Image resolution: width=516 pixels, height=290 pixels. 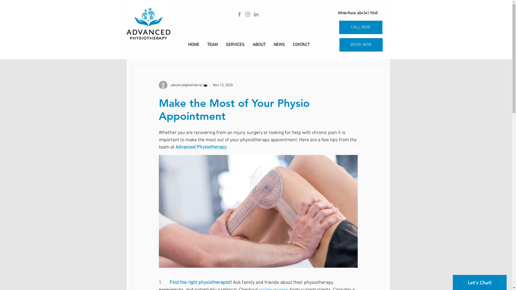 What do you see at coordinates (288, 44) in the screenshot?
I see `'CONTACT'` at bounding box center [288, 44].